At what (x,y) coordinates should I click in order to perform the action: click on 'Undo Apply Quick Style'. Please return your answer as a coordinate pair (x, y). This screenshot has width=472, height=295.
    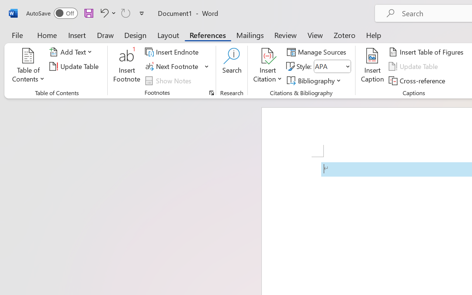
    Looking at the image, I should click on (107, 13).